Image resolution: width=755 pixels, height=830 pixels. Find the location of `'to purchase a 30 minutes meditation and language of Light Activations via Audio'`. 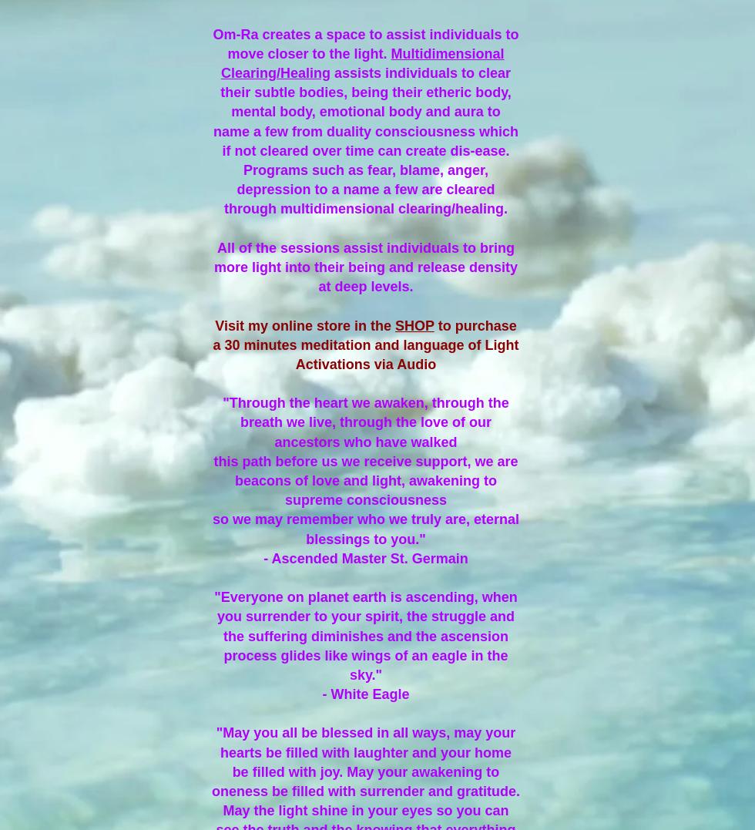

'to purchase a 30 minutes meditation and language of Light Activations via Audio' is located at coordinates (365, 343).